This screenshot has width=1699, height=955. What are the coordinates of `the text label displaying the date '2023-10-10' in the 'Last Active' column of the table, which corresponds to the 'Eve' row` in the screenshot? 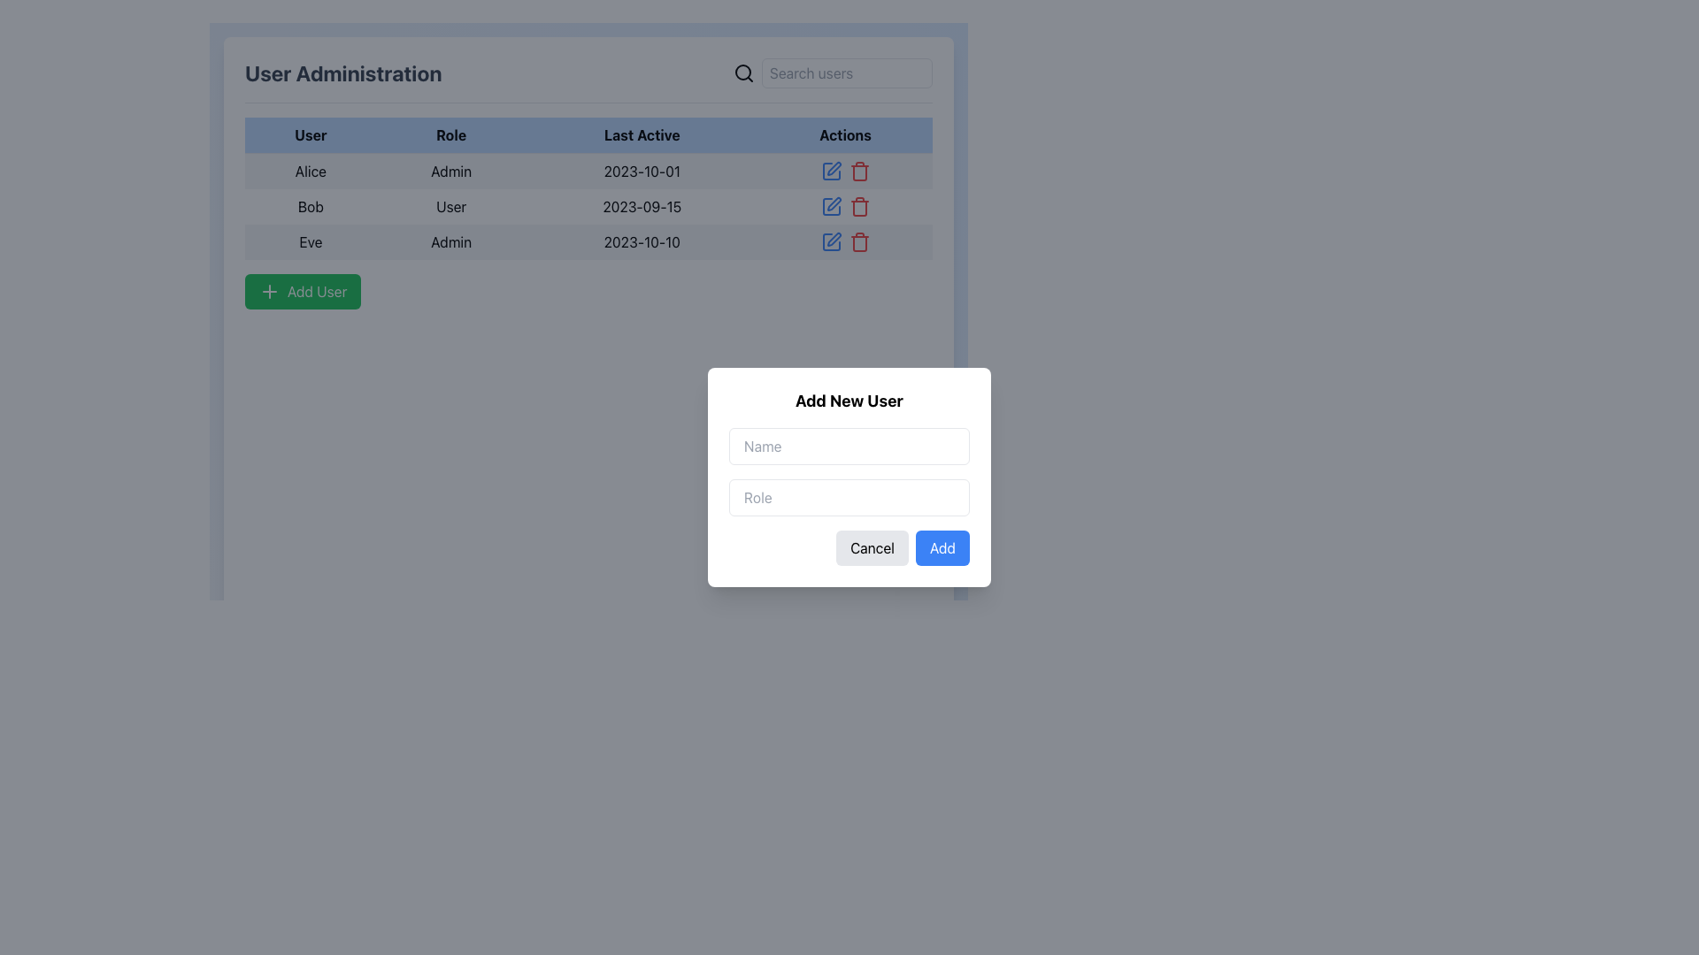 It's located at (641, 241).